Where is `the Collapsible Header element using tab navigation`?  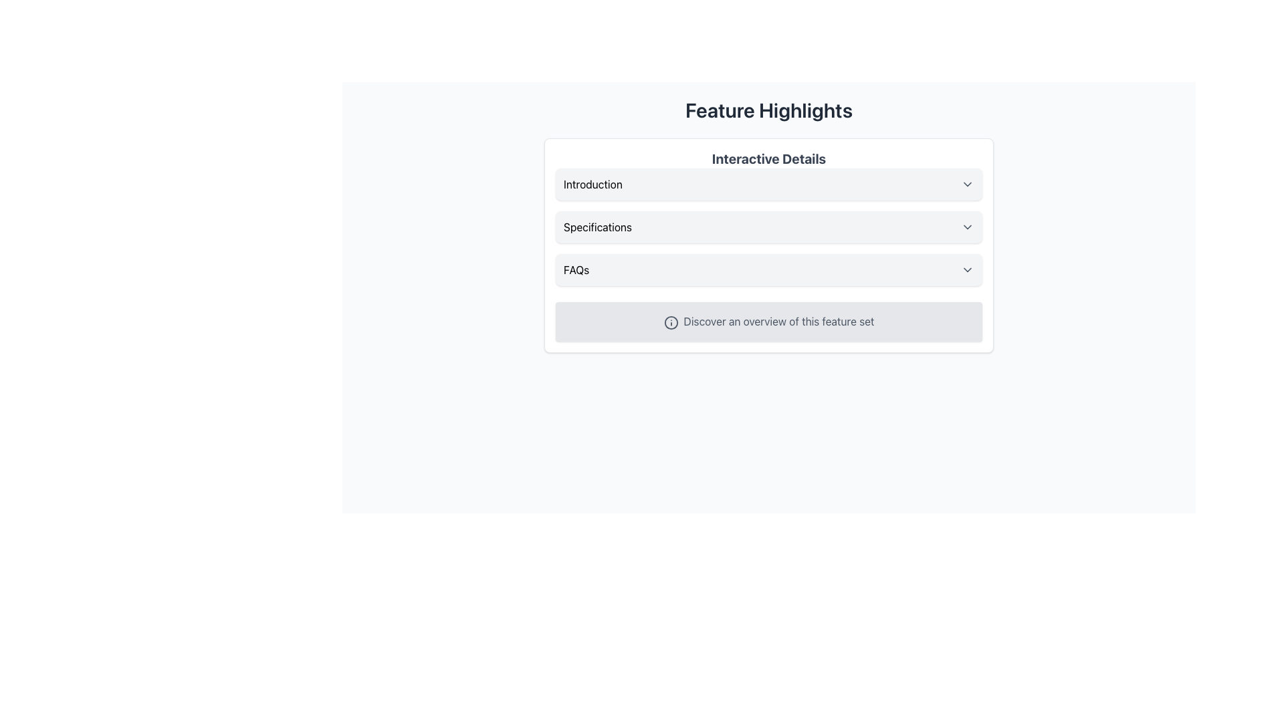
the Collapsible Header element using tab navigation is located at coordinates (769, 185).